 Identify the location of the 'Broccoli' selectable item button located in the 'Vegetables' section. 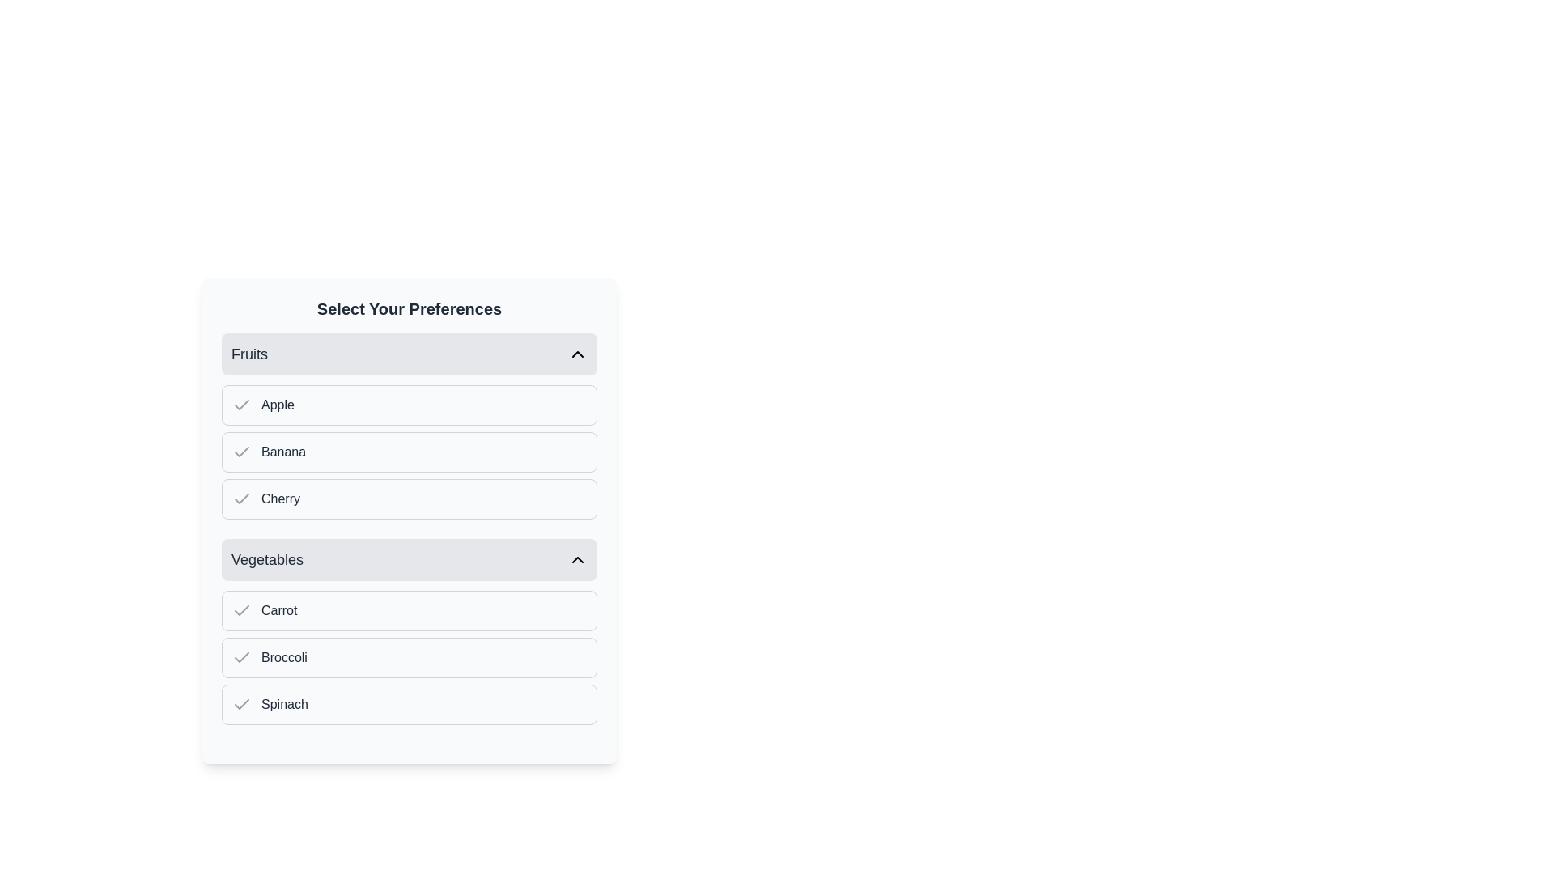
(409, 658).